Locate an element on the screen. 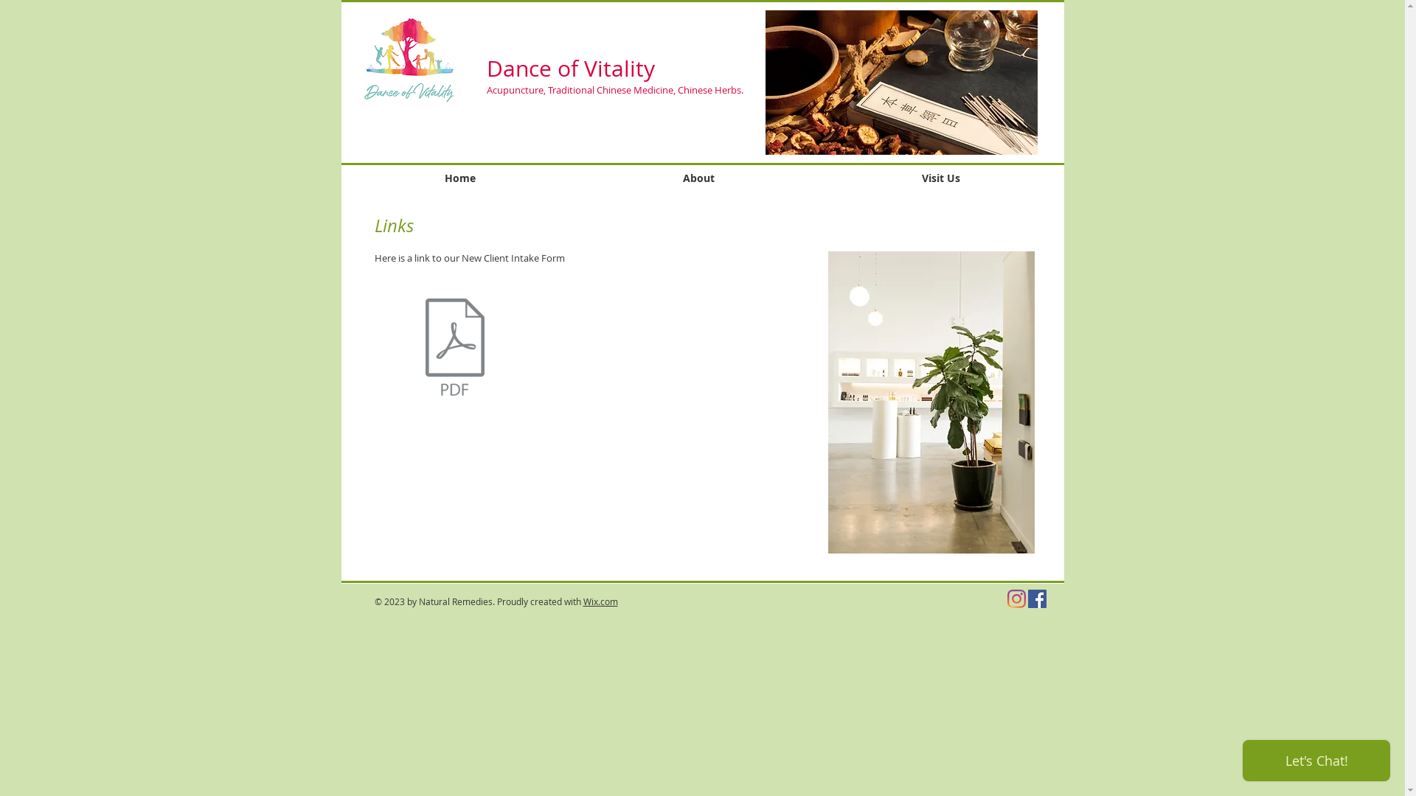 The image size is (1416, 796). 'About' is located at coordinates (698, 178).